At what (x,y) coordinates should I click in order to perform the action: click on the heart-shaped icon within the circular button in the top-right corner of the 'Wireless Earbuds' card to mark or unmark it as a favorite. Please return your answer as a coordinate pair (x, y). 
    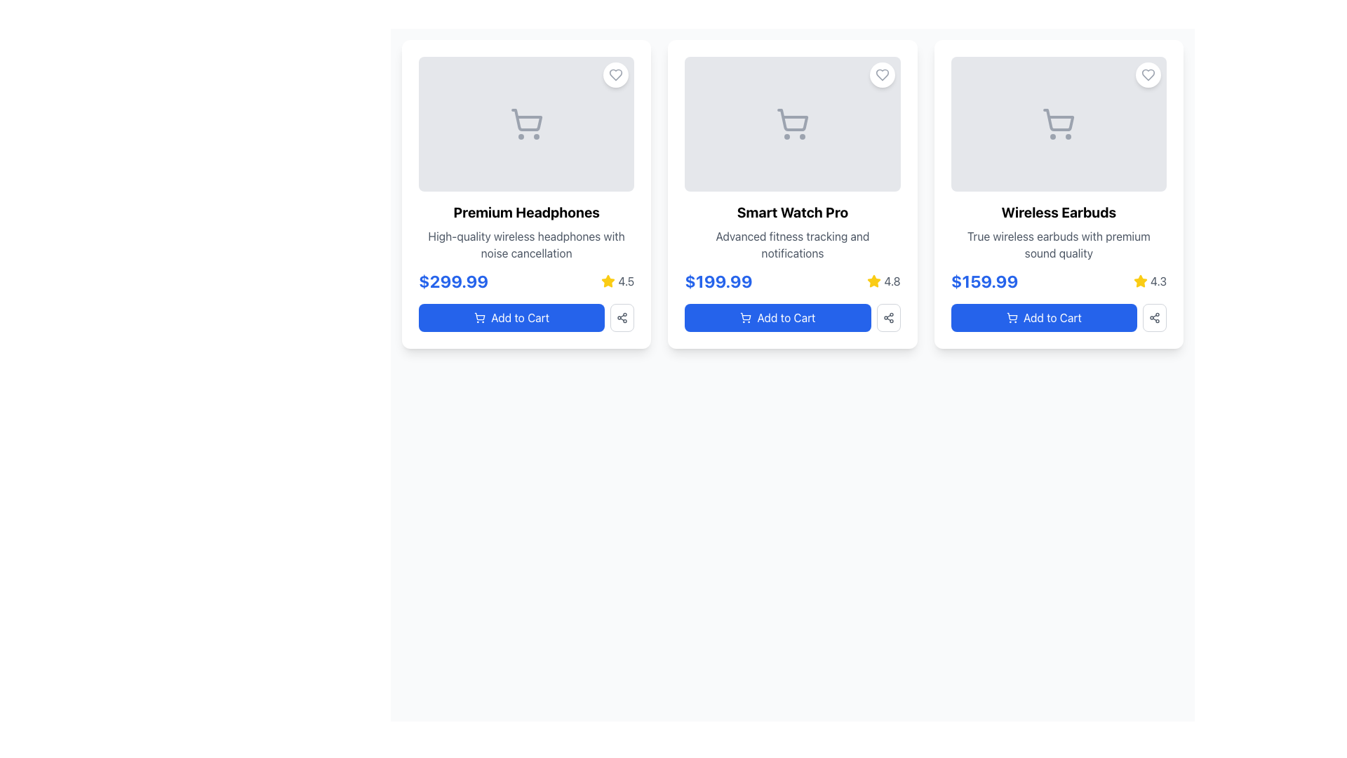
    Looking at the image, I should click on (1148, 75).